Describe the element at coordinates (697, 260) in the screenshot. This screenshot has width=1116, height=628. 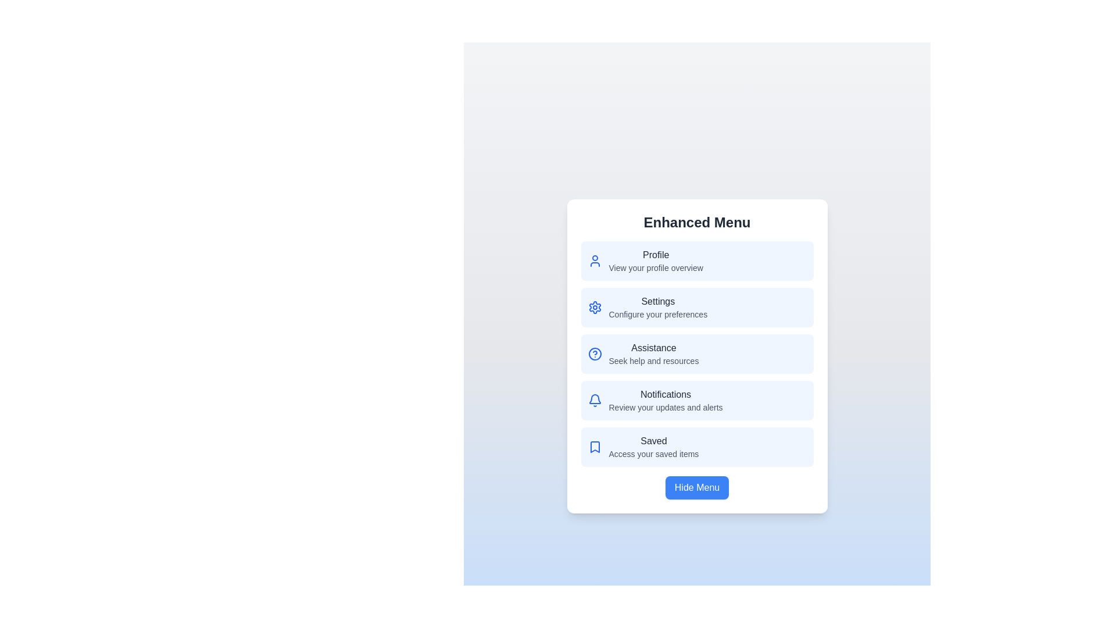
I see `the menu option Profile to view its details` at that location.